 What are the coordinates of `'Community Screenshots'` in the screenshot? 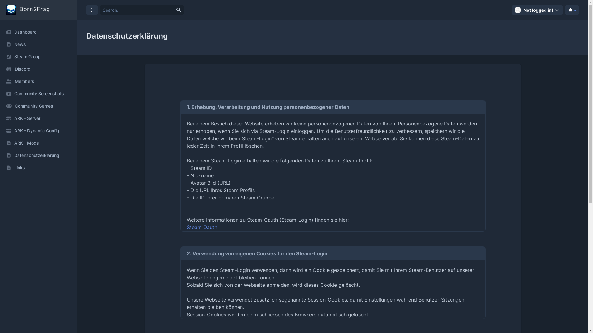 It's located at (38, 94).